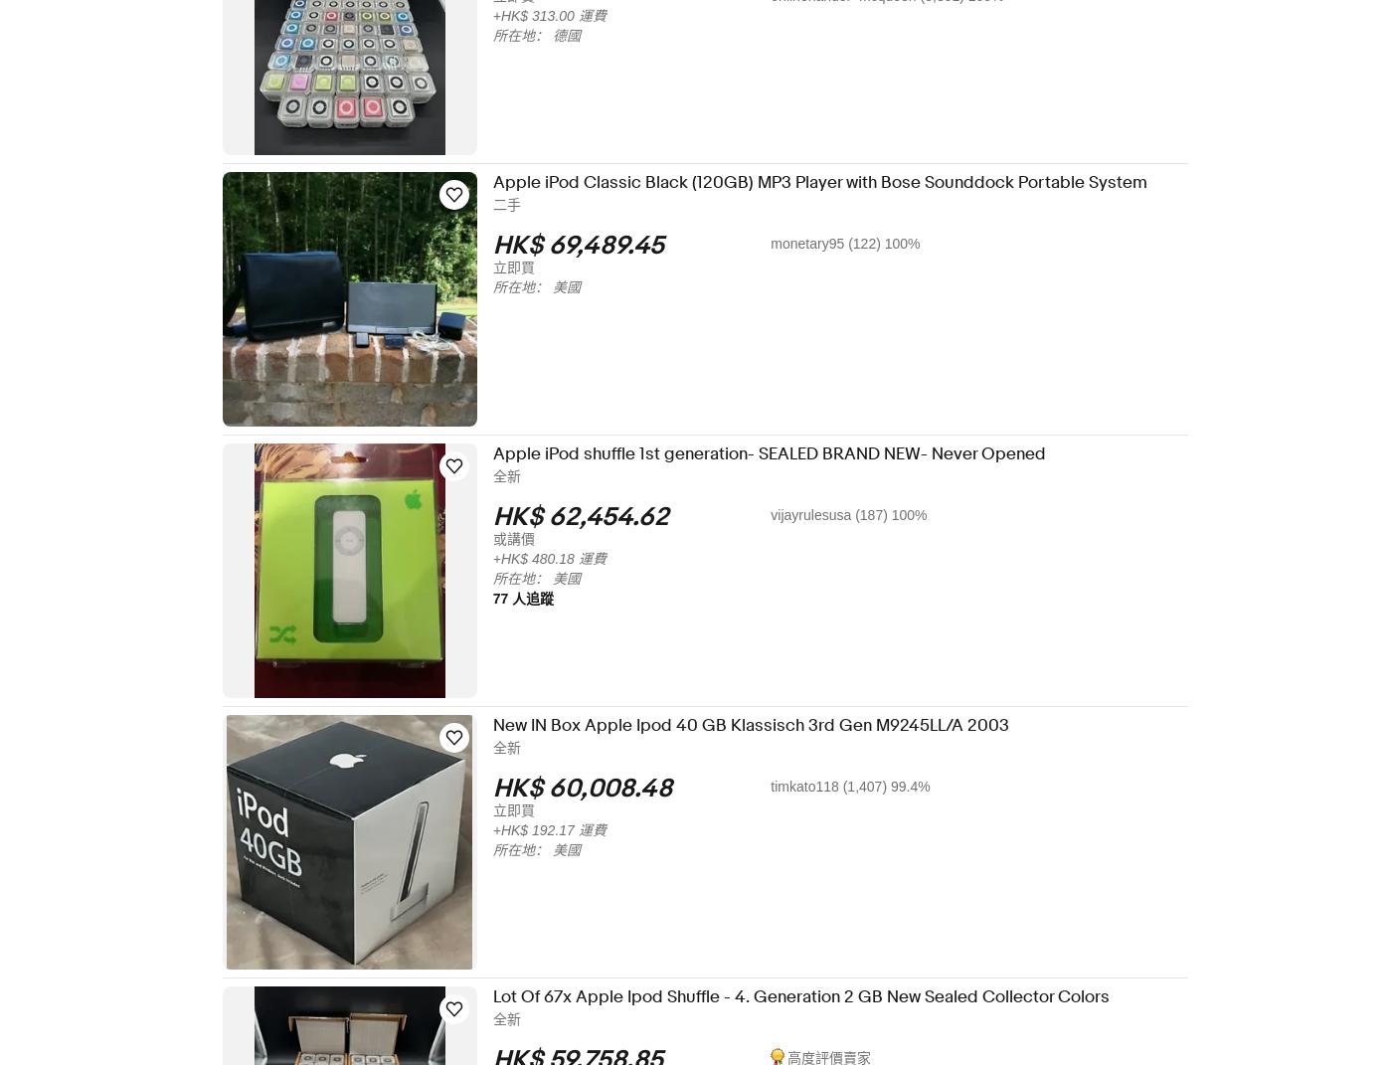  What do you see at coordinates (833, 181) in the screenshot?
I see `'Apple iPod Classic Black (120GB) MP3 Player with Bose Sounddock Portable System'` at bounding box center [833, 181].